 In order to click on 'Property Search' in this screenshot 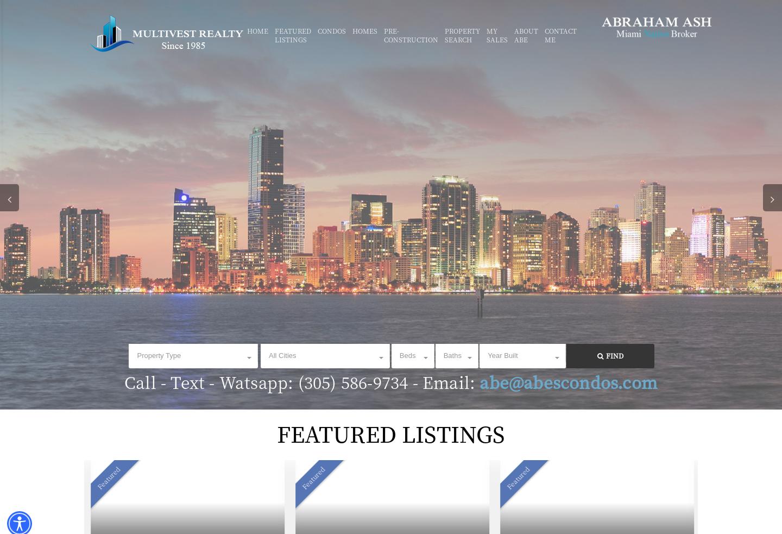, I will do `click(444, 34)`.